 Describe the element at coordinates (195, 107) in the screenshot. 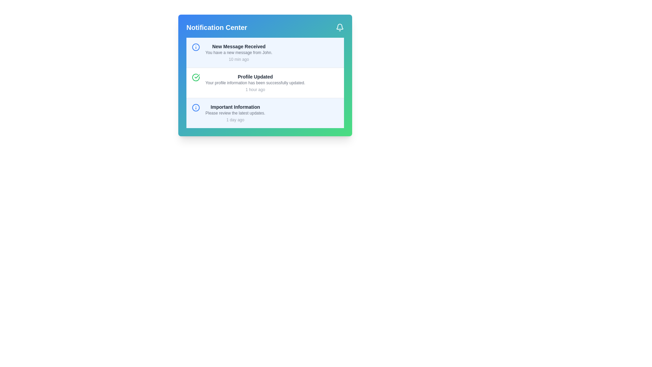

I see `the information icon located to the left of the 'Important Information' heading` at that location.